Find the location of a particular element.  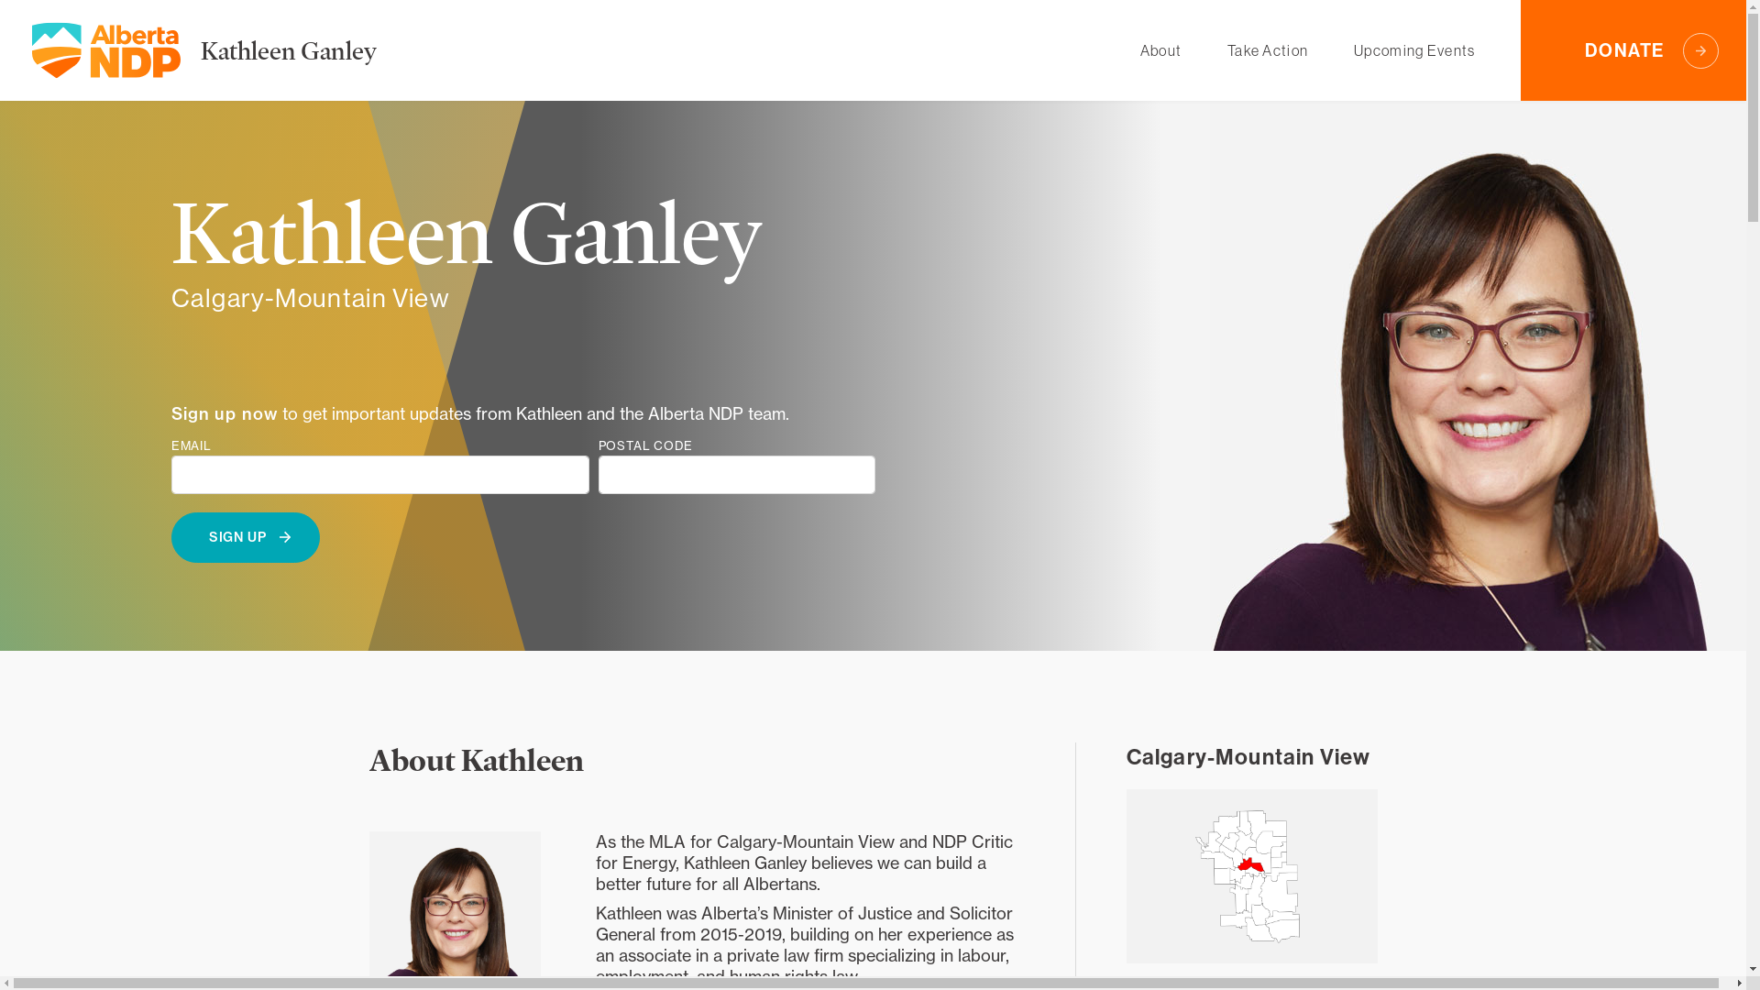

'Take Action' is located at coordinates (1266, 49).